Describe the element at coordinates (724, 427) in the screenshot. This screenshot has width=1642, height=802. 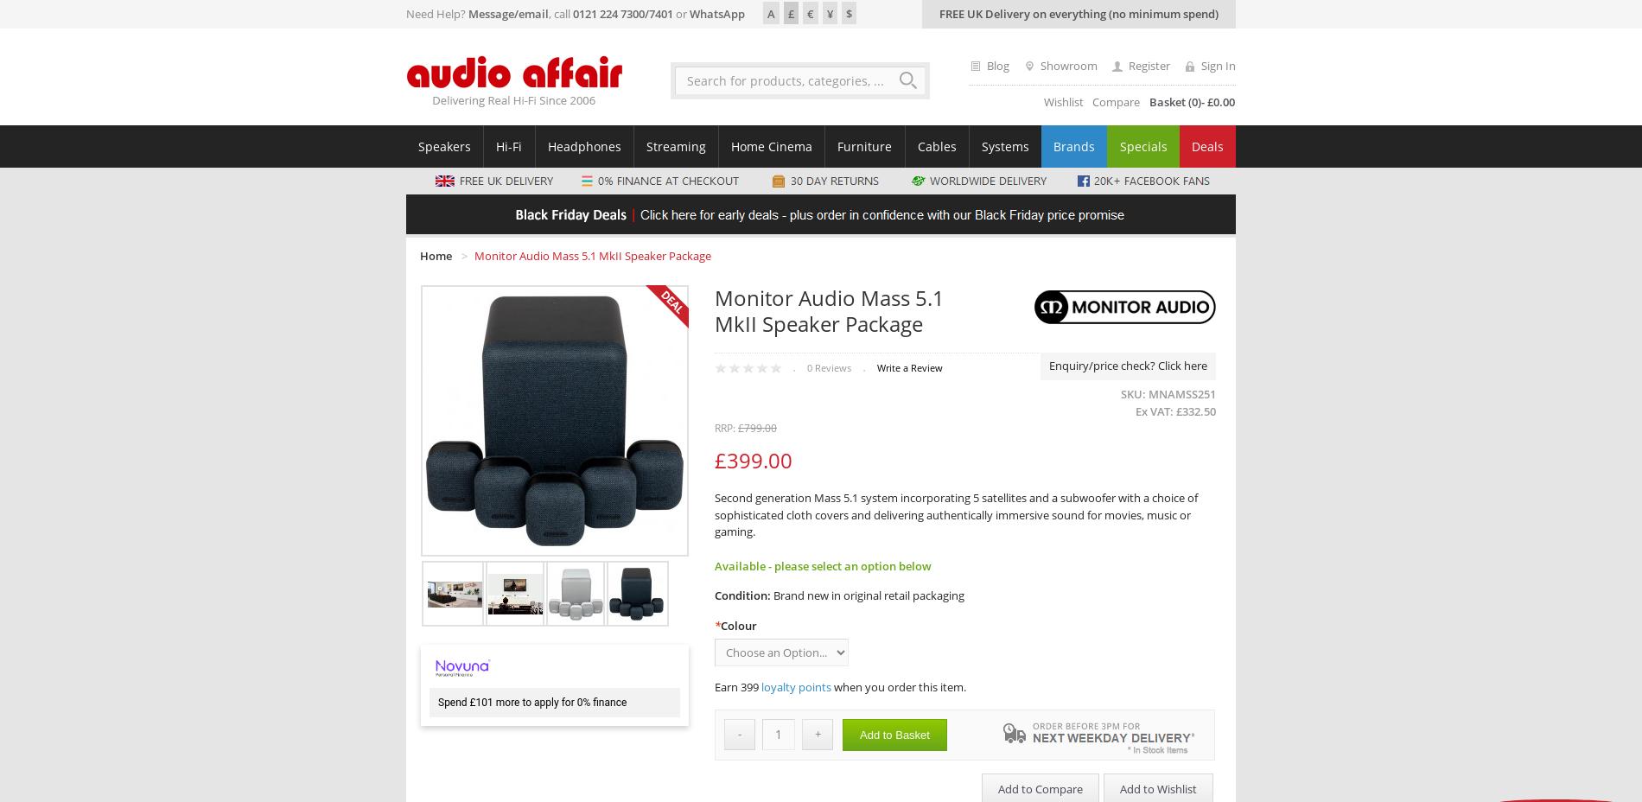
I see `'RRP:'` at that location.